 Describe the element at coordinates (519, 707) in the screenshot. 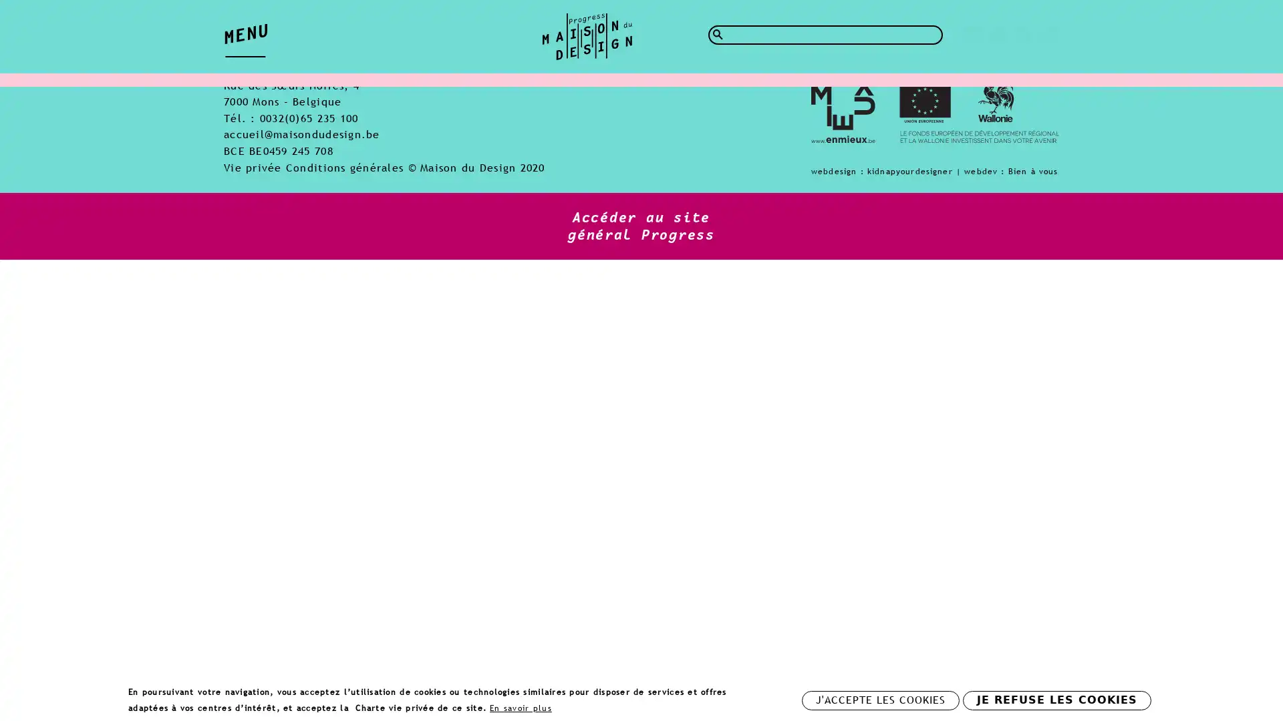

I see `En savoir plus` at that location.